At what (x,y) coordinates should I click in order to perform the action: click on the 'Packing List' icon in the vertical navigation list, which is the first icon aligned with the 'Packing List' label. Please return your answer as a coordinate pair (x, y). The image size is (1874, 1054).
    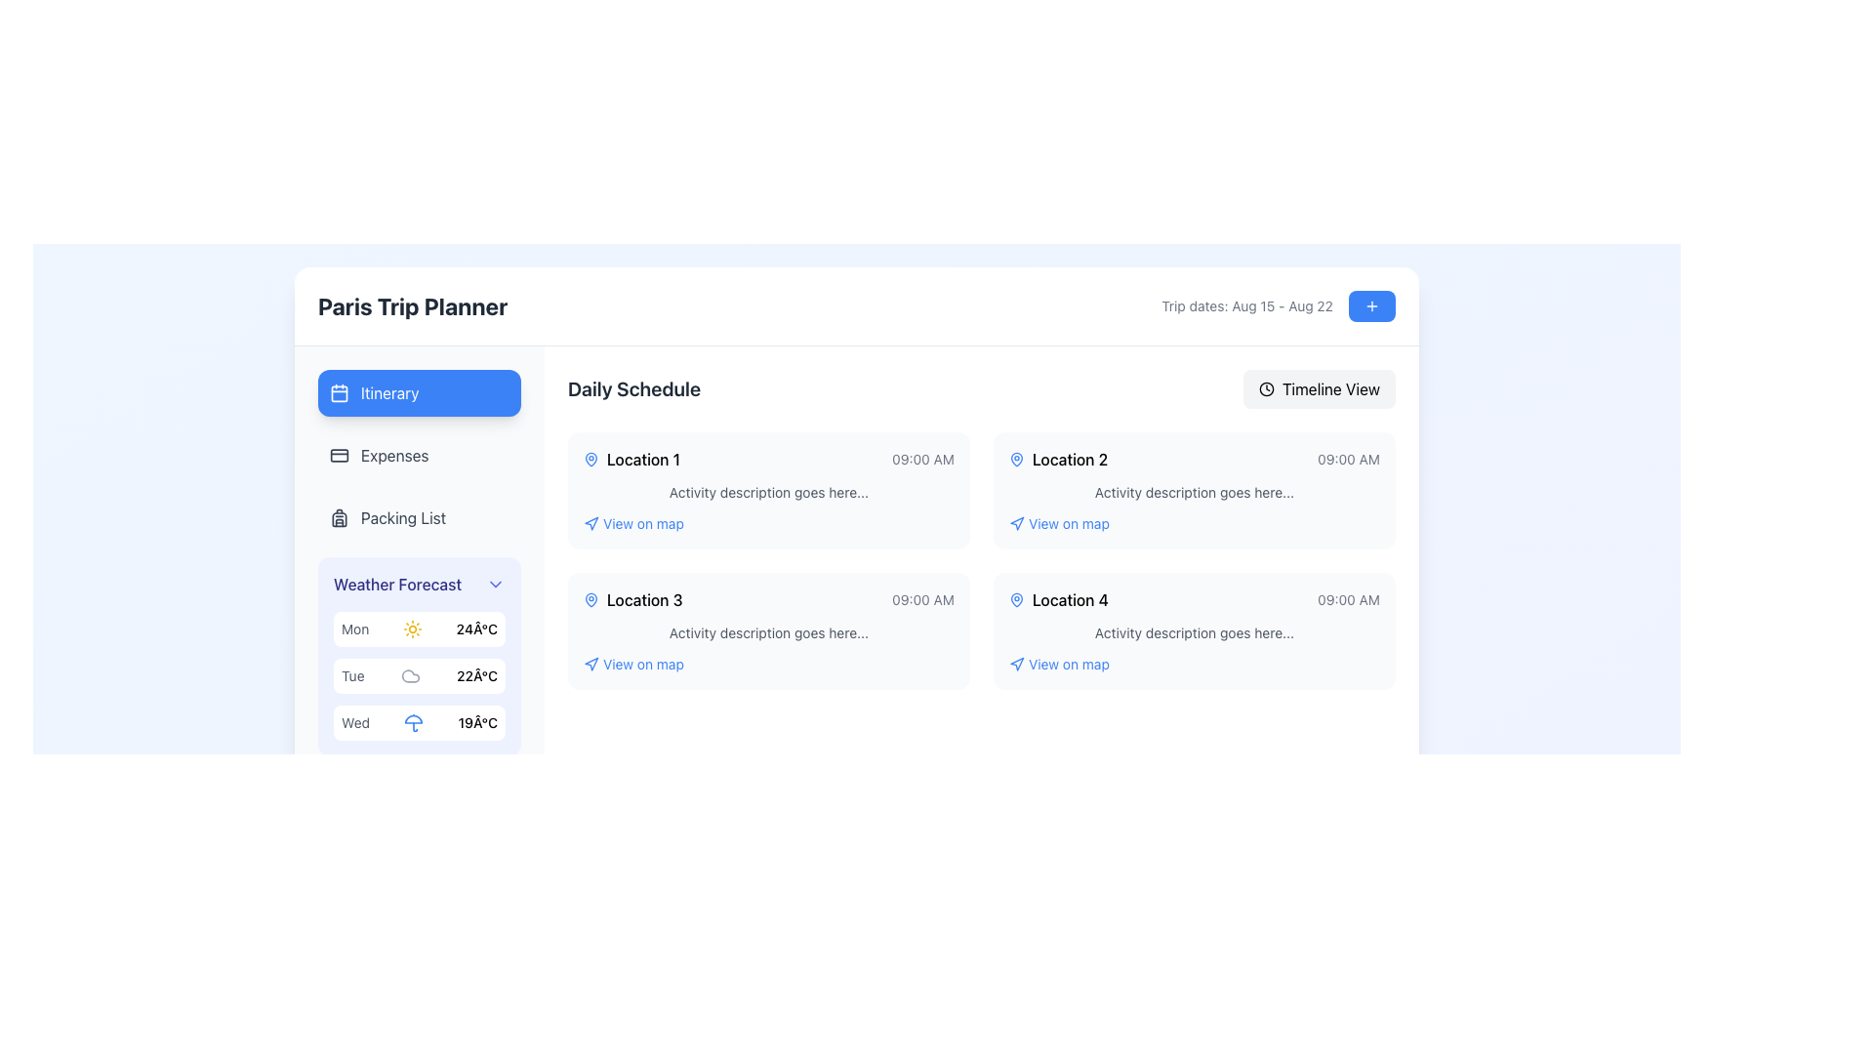
    Looking at the image, I should click on (339, 517).